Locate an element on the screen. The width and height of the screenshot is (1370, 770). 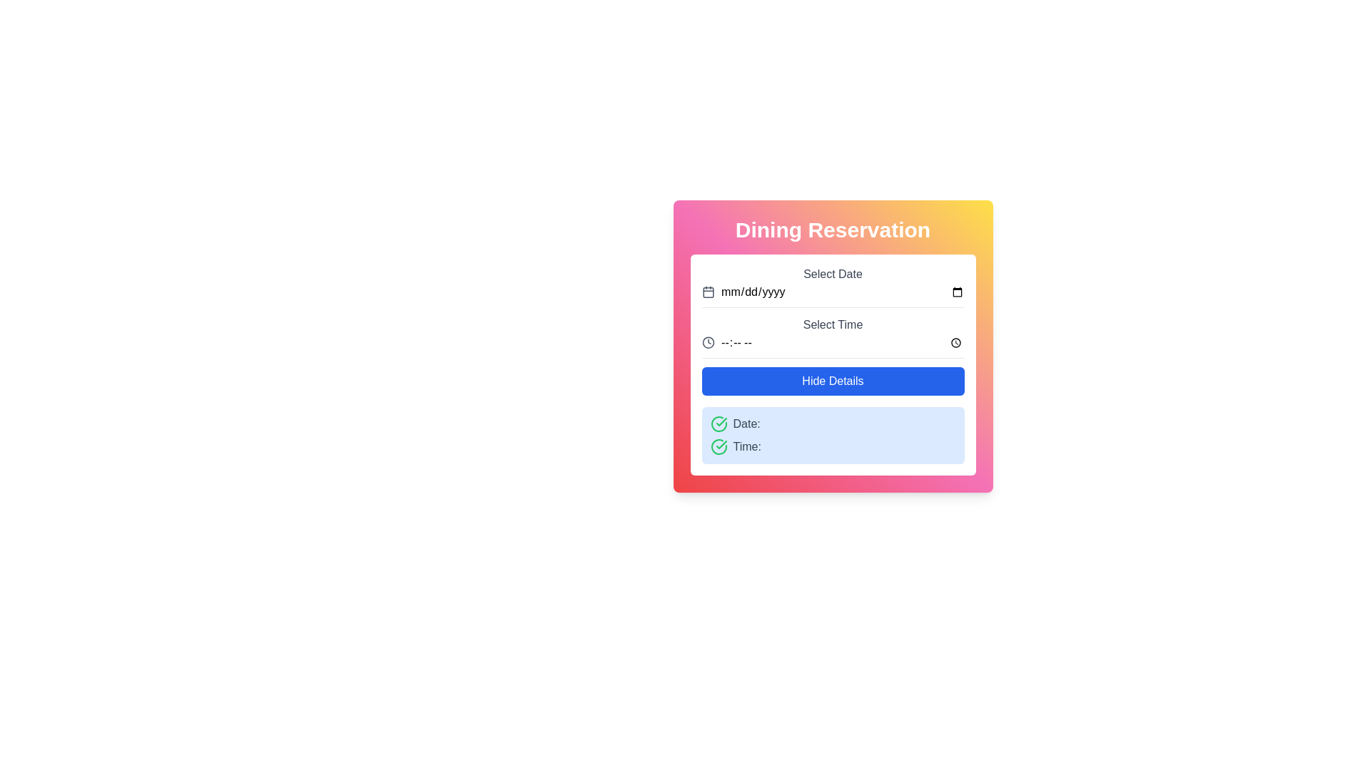
the circular outline of the clock icon located to the right of the 'Select Time' text field is located at coordinates (708, 343).